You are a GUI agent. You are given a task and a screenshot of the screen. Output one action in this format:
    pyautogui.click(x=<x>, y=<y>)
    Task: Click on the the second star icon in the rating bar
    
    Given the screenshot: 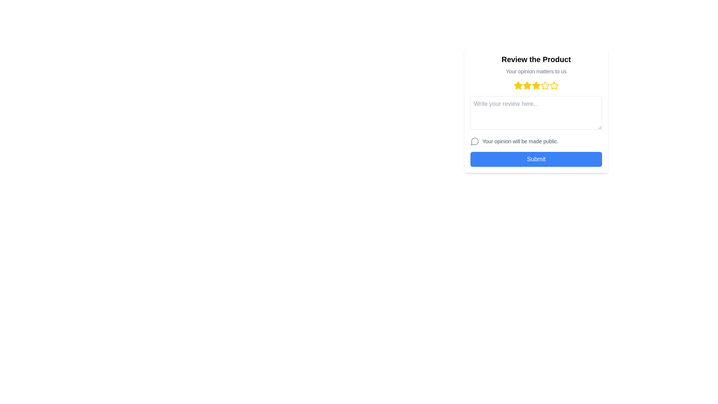 What is the action you would take?
    pyautogui.click(x=527, y=85)
    